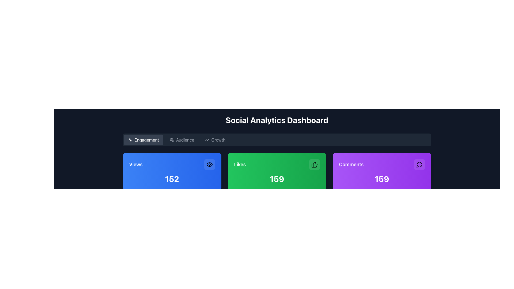 This screenshot has height=289, width=514. What do you see at coordinates (351, 164) in the screenshot?
I see `the Text label located in the top-left corner of the purple box labeled 'Comments'` at bounding box center [351, 164].